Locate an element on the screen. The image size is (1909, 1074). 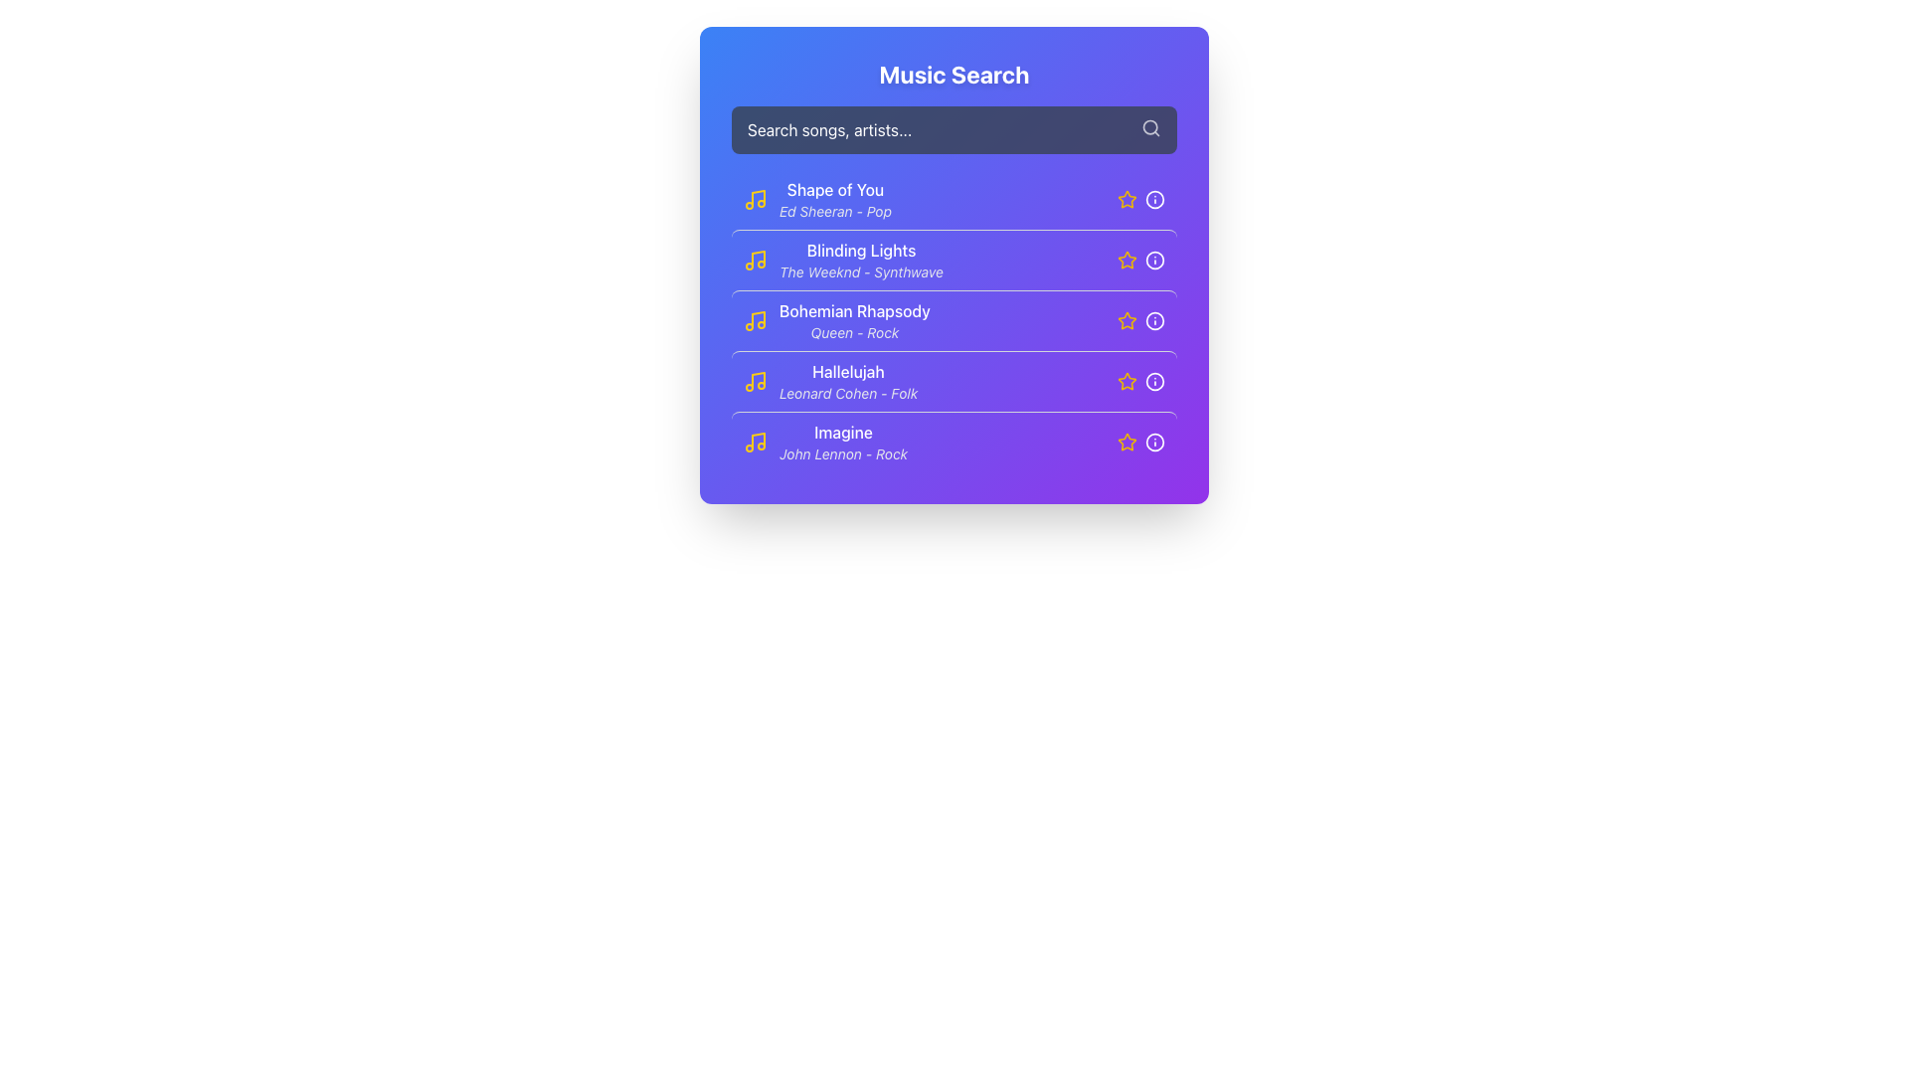
the informational text block displaying song title and artist/genre details, which is the third entry in the 'Music Search' list is located at coordinates (836, 320).